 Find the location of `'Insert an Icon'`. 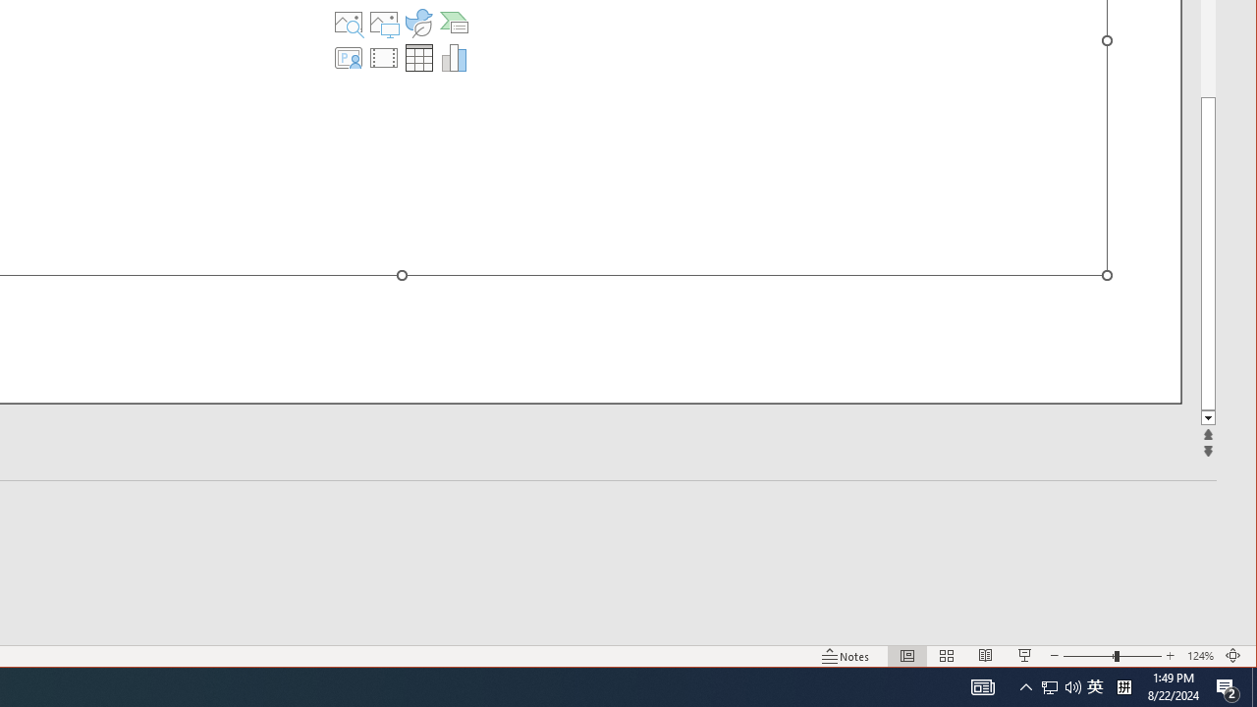

'Insert an Icon' is located at coordinates (417, 23).